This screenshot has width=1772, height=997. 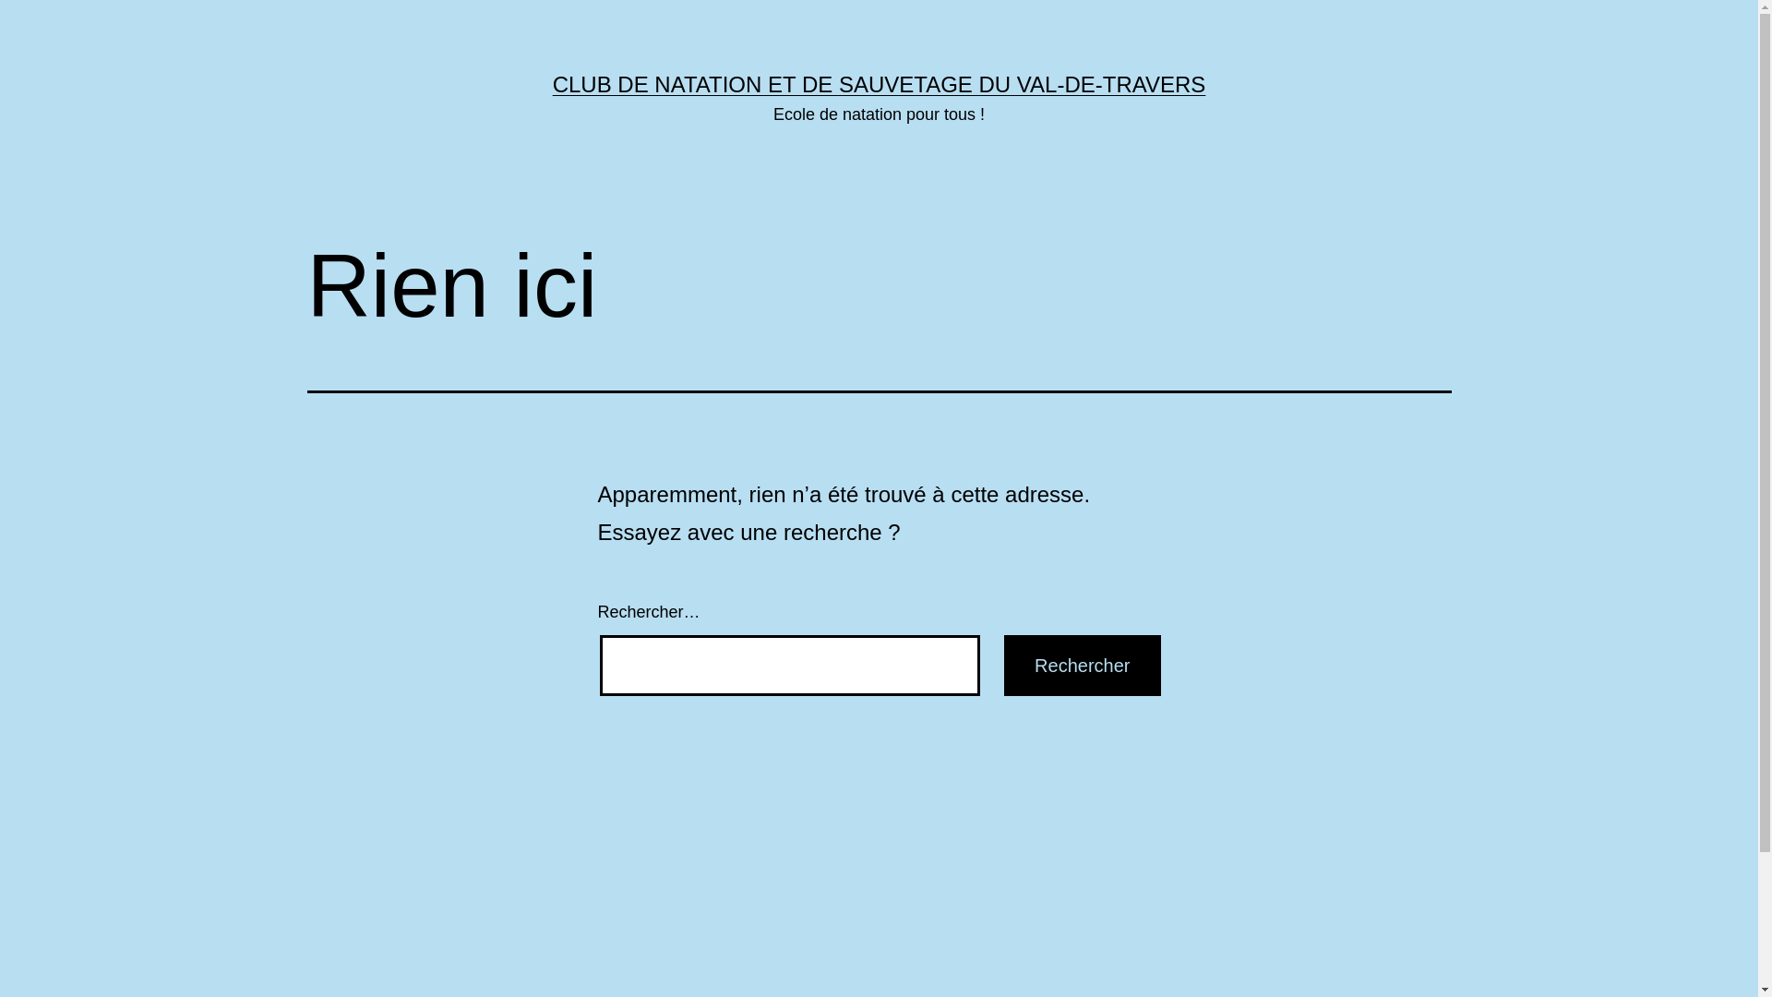 What do you see at coordinates (1082, 666) in the screenshot?
I see `'Rechercher'` at bounding box center [1082, 666].